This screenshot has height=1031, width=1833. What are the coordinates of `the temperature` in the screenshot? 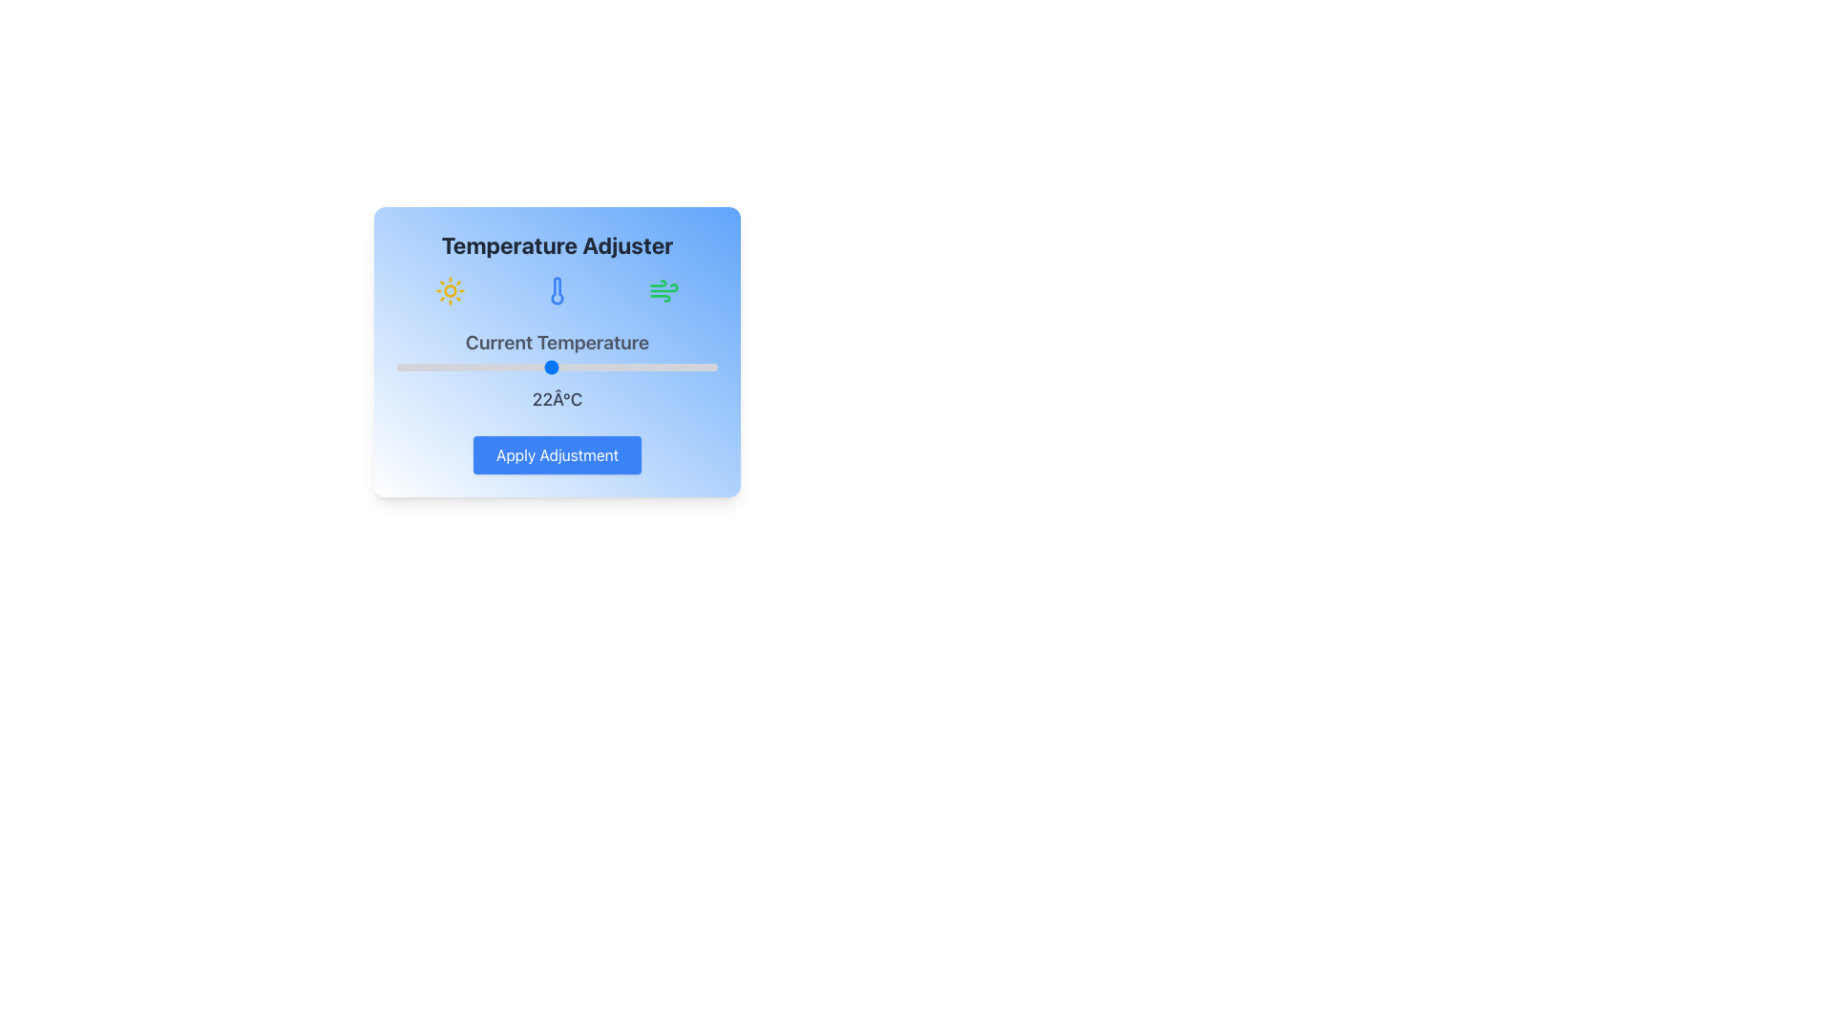 It's located at (679, 368).